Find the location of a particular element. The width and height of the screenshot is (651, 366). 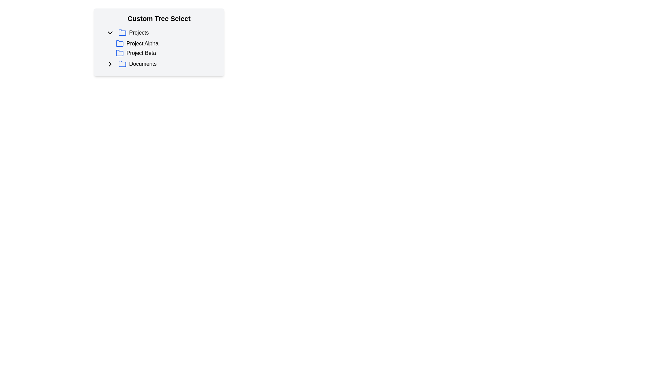

the dropdown toggle button located at the top-left corner of the interface under the 'Projects' category is located at coordinates (110, 33).